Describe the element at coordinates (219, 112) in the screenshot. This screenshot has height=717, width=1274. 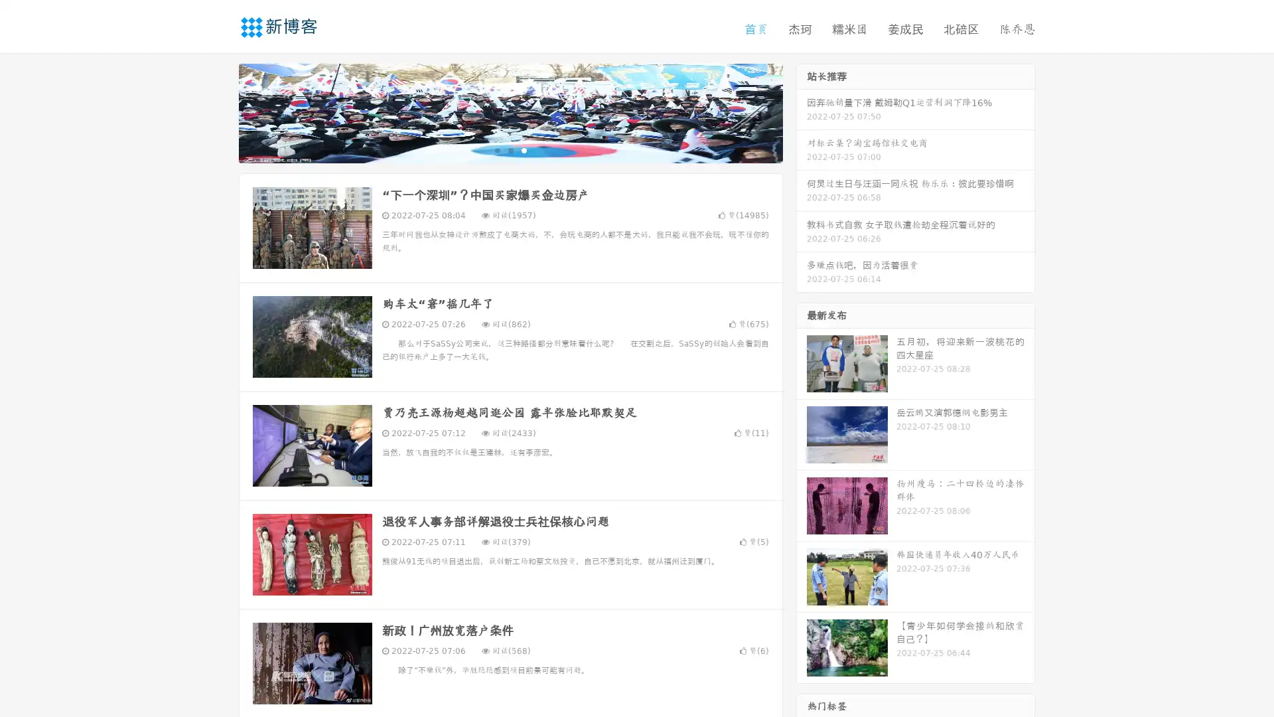
I see `Previous slide` at that location.